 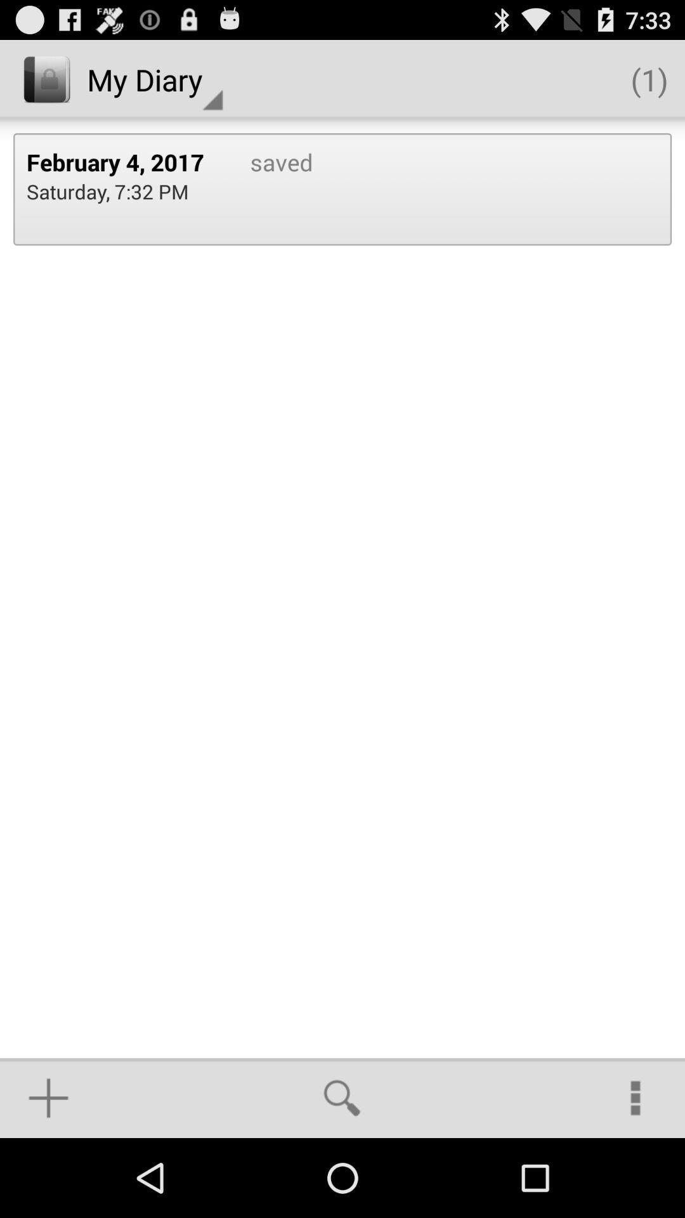 What do you see at coordinates (341, 1097) in the screenshot?
I see `item at the bottom` at bounding box center [341, 1097].